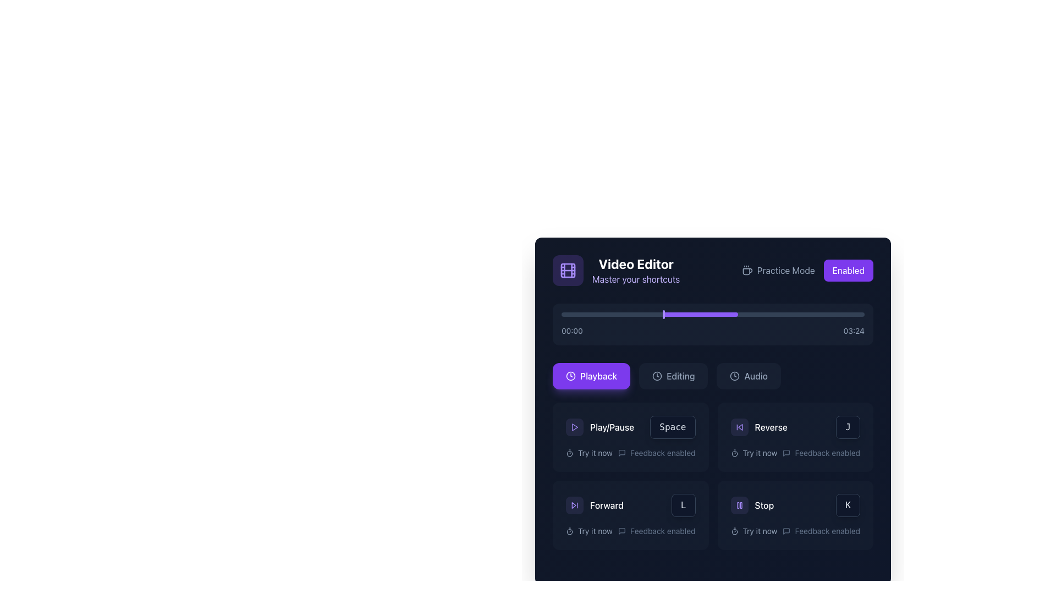 The height and width of the screenshot is (594, 1056). I want to click on the playback time, so click(600, 314).